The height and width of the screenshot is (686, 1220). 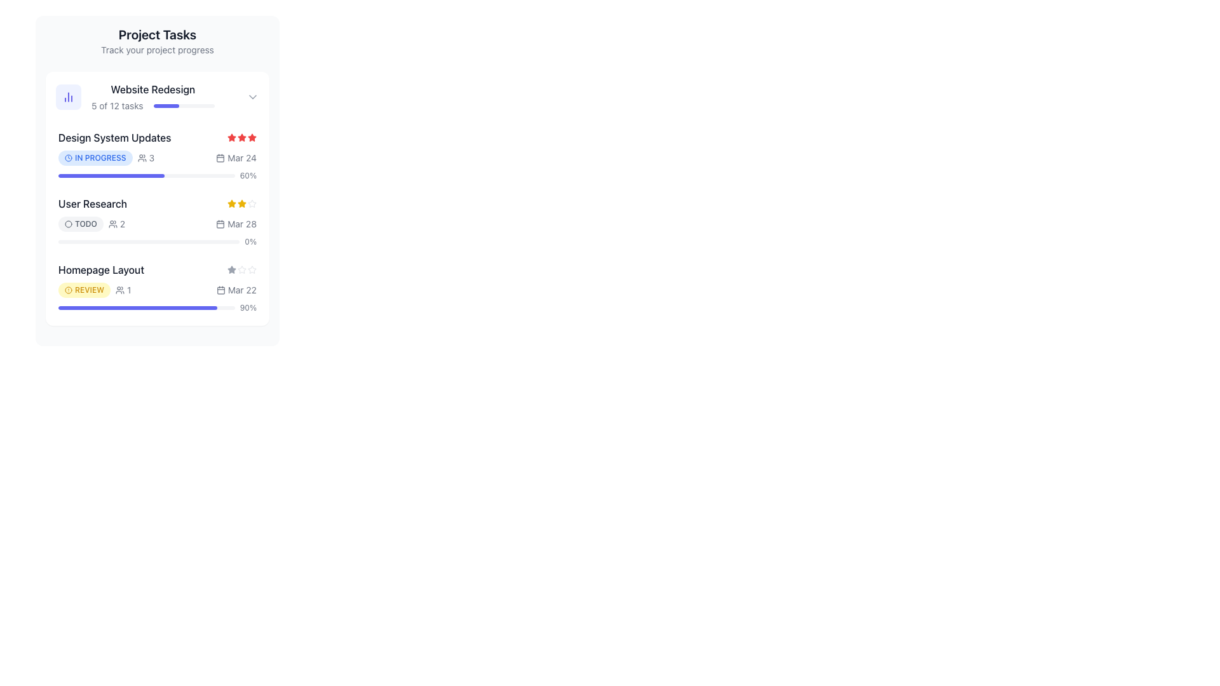 I want to click on the user icon, which is a group of three silhouettes styled in black or gray, located to the left of the user count in the 'Design System Updates' section of the task list, so click(x=142, y=158).